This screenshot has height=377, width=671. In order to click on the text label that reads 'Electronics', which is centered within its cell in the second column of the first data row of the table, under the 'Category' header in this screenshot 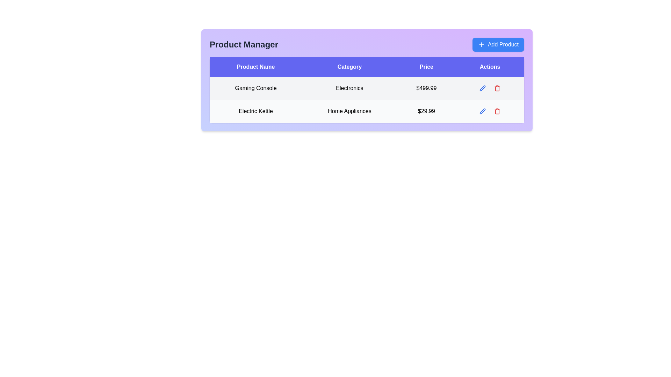, I will do `click(349, 88)`.